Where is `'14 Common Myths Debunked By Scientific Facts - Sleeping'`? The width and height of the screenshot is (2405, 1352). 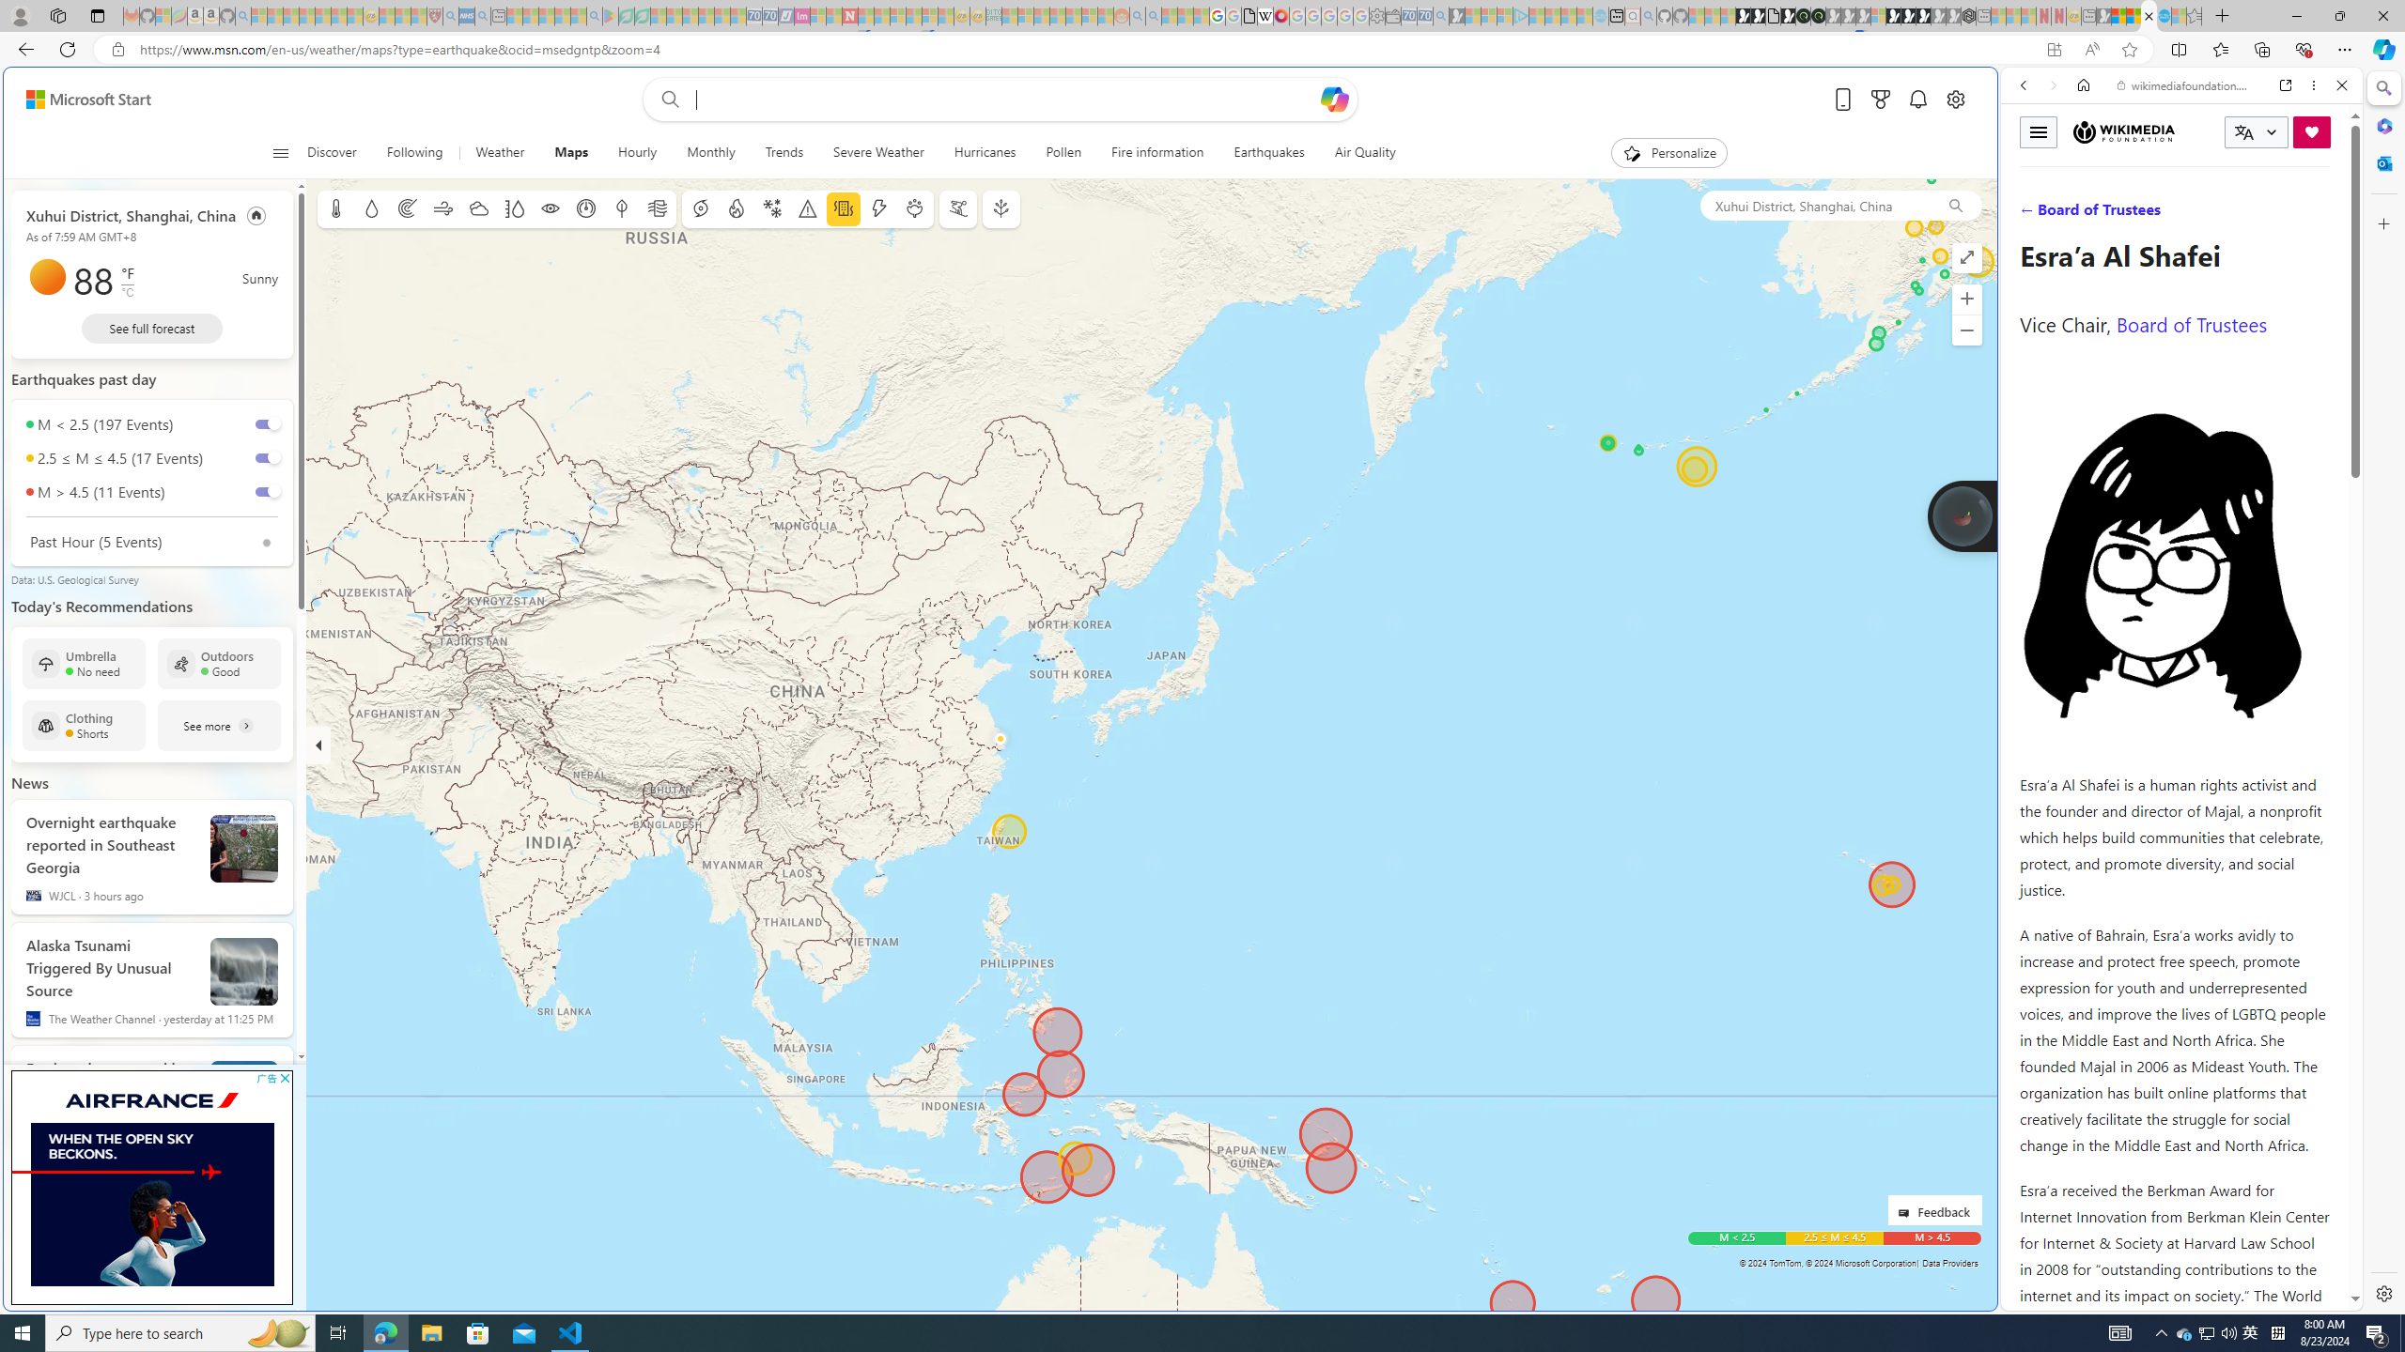 '14 Common Myths Debunked By Scientific Facts - Sleeping' is located at coordinates (880, 15).